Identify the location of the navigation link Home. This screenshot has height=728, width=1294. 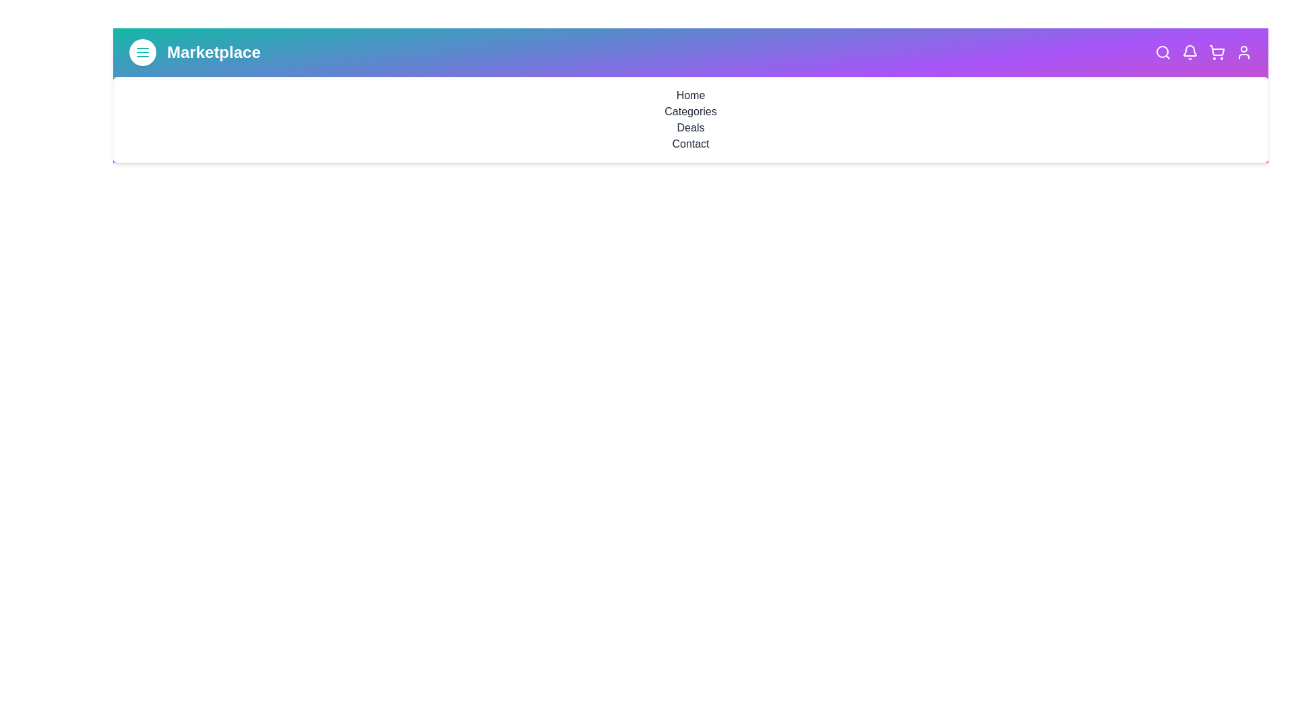
(691, 95).